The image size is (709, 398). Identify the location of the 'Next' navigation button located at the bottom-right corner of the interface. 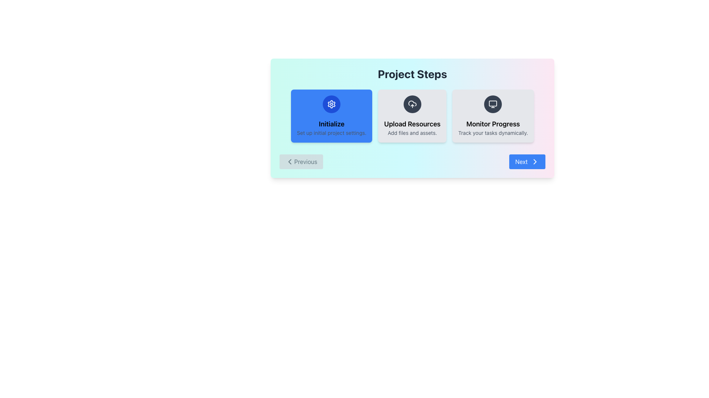
(527, 161).